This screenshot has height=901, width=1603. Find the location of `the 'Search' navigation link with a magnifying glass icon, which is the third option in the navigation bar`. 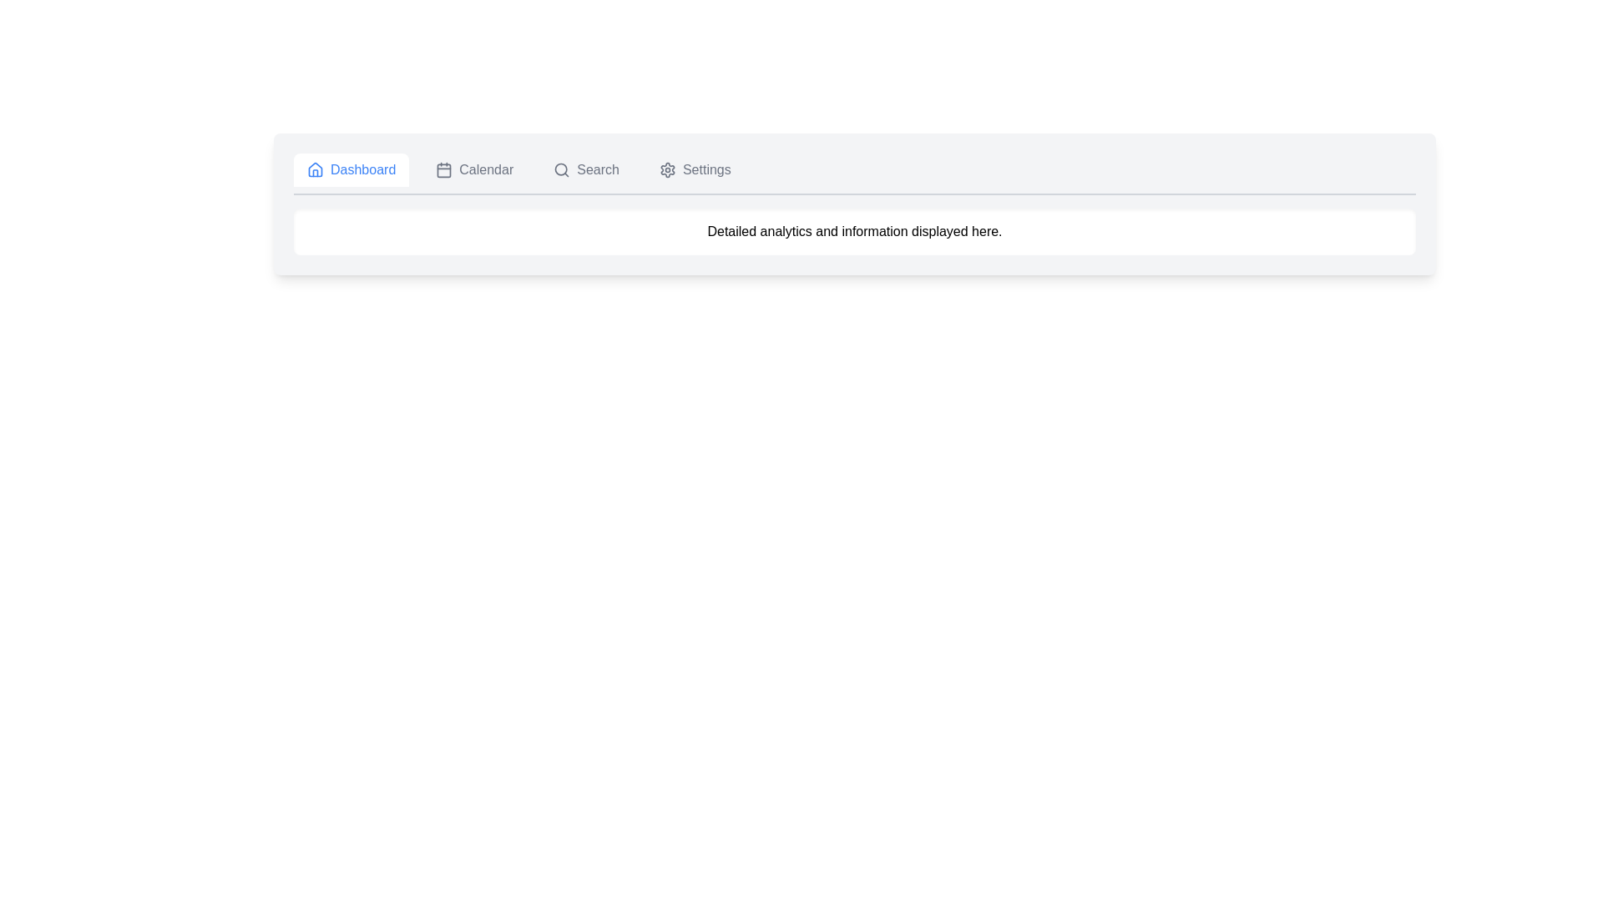

the 'Search' navigation link with a magnifying glass icon, which is the third option in the navigation bar is located at coordinates (586, 170).